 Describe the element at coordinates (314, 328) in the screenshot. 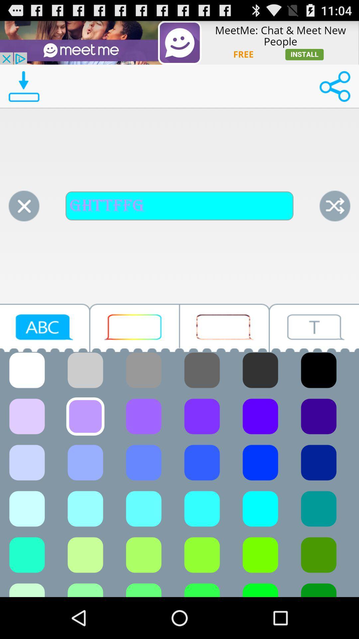

I see `open text options` at that location.